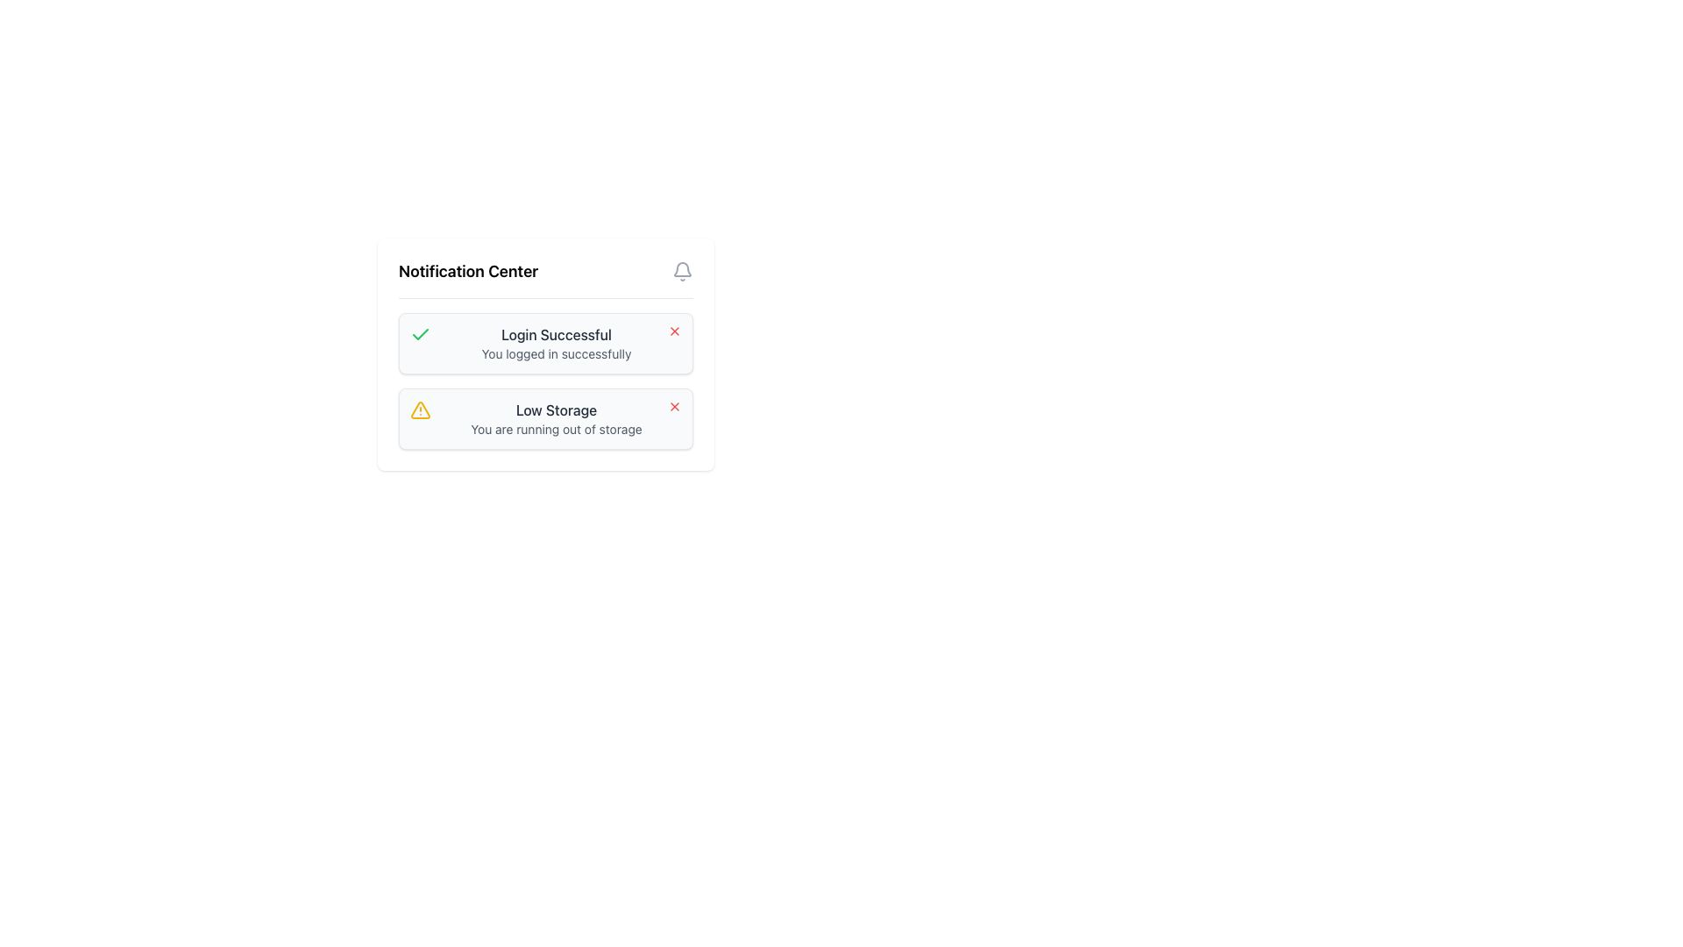 This screenshot has width=1683, height=947. What do you see at coordinates (673, 406) in the screenshot?
I see `the close button in the top-right corner of the 'Low Storage' notification` at bounding box center [673, 406].